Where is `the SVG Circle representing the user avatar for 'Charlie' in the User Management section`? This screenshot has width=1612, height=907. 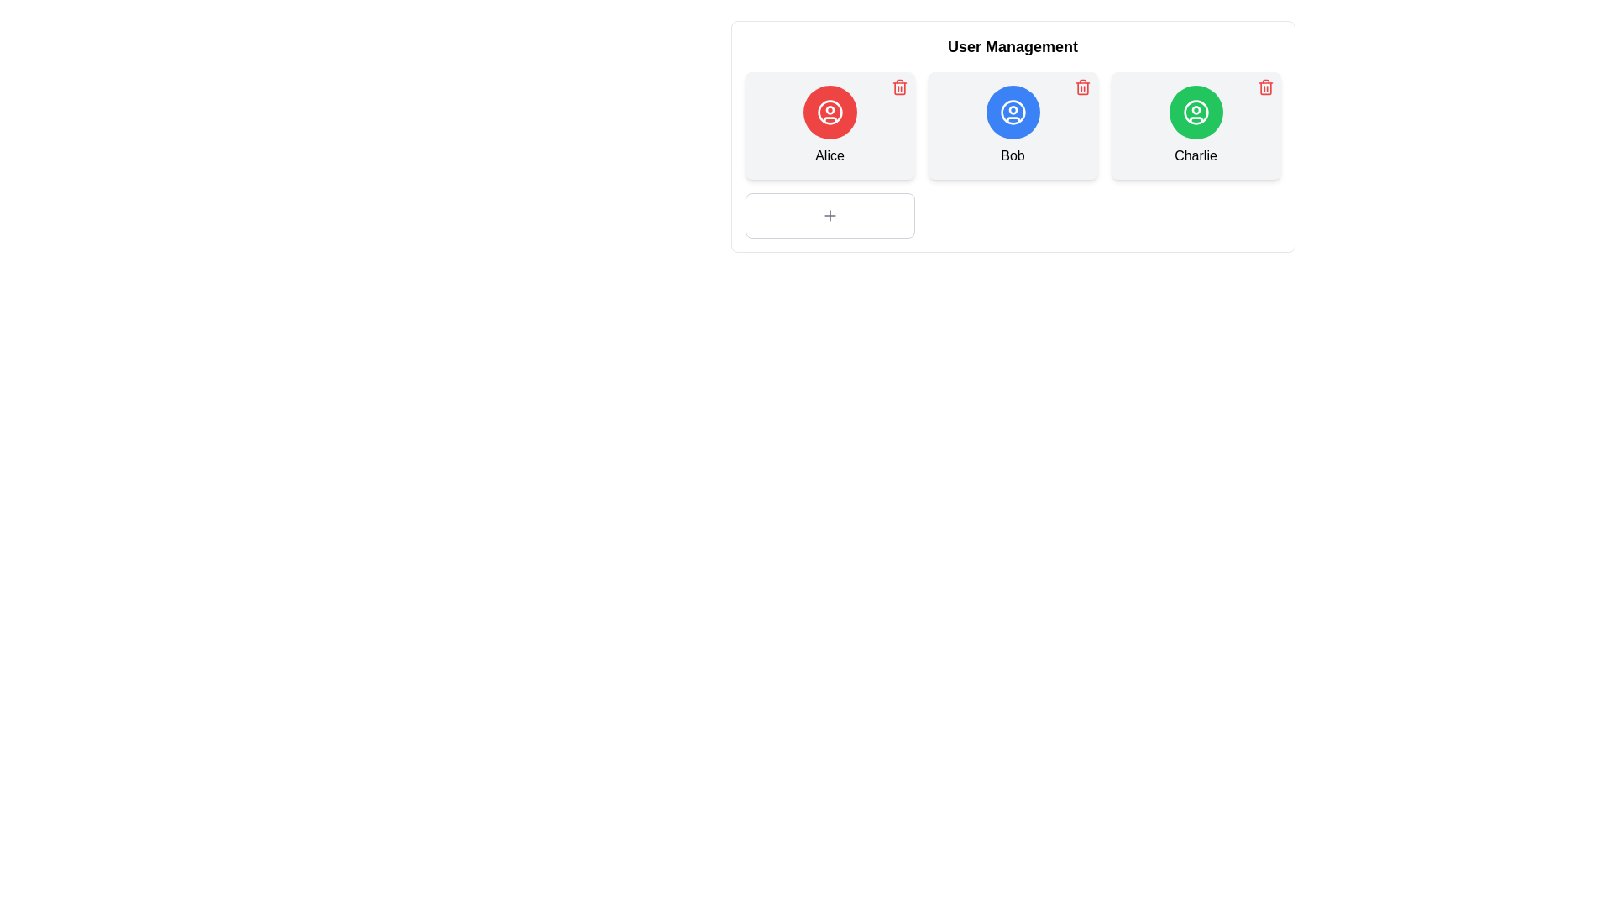
the SVG Circle representing the user avatar for 'Charlie' in the User Management section is located at coordinates (1195, 113).